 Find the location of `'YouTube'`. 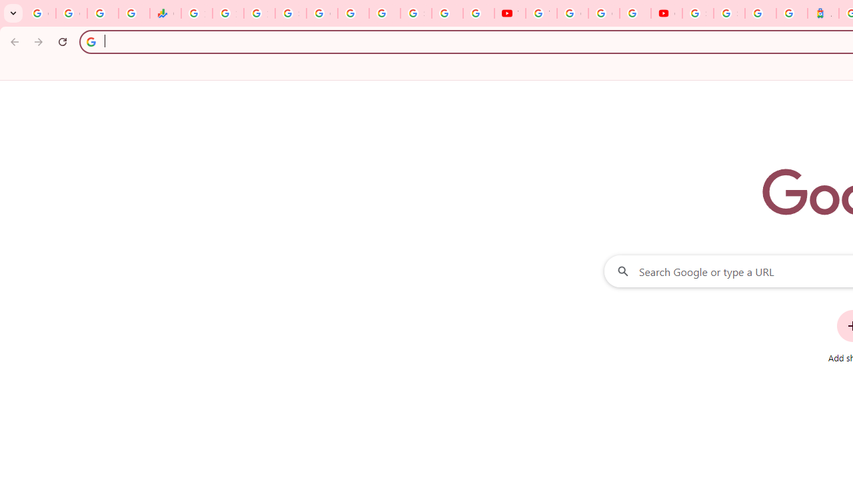

'YouTube' is located at coordinates (509, 13).